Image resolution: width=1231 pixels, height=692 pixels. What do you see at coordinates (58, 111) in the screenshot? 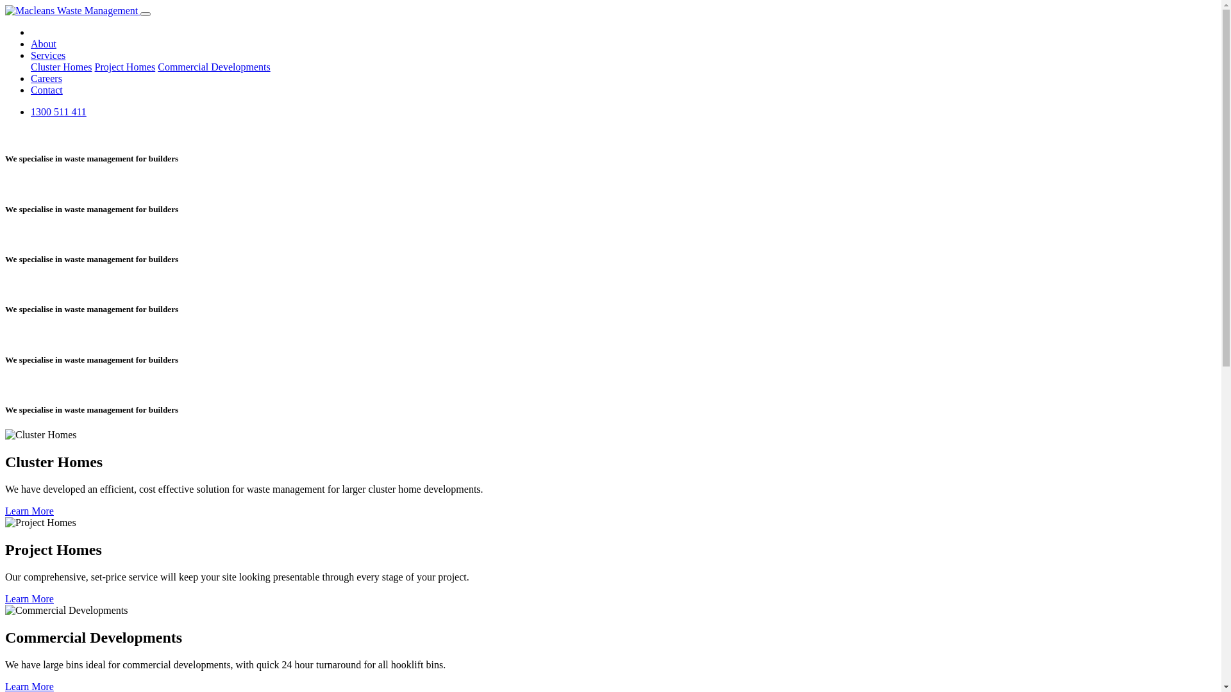
I see `'1300 511 411'` at bounding box center [58, 111].